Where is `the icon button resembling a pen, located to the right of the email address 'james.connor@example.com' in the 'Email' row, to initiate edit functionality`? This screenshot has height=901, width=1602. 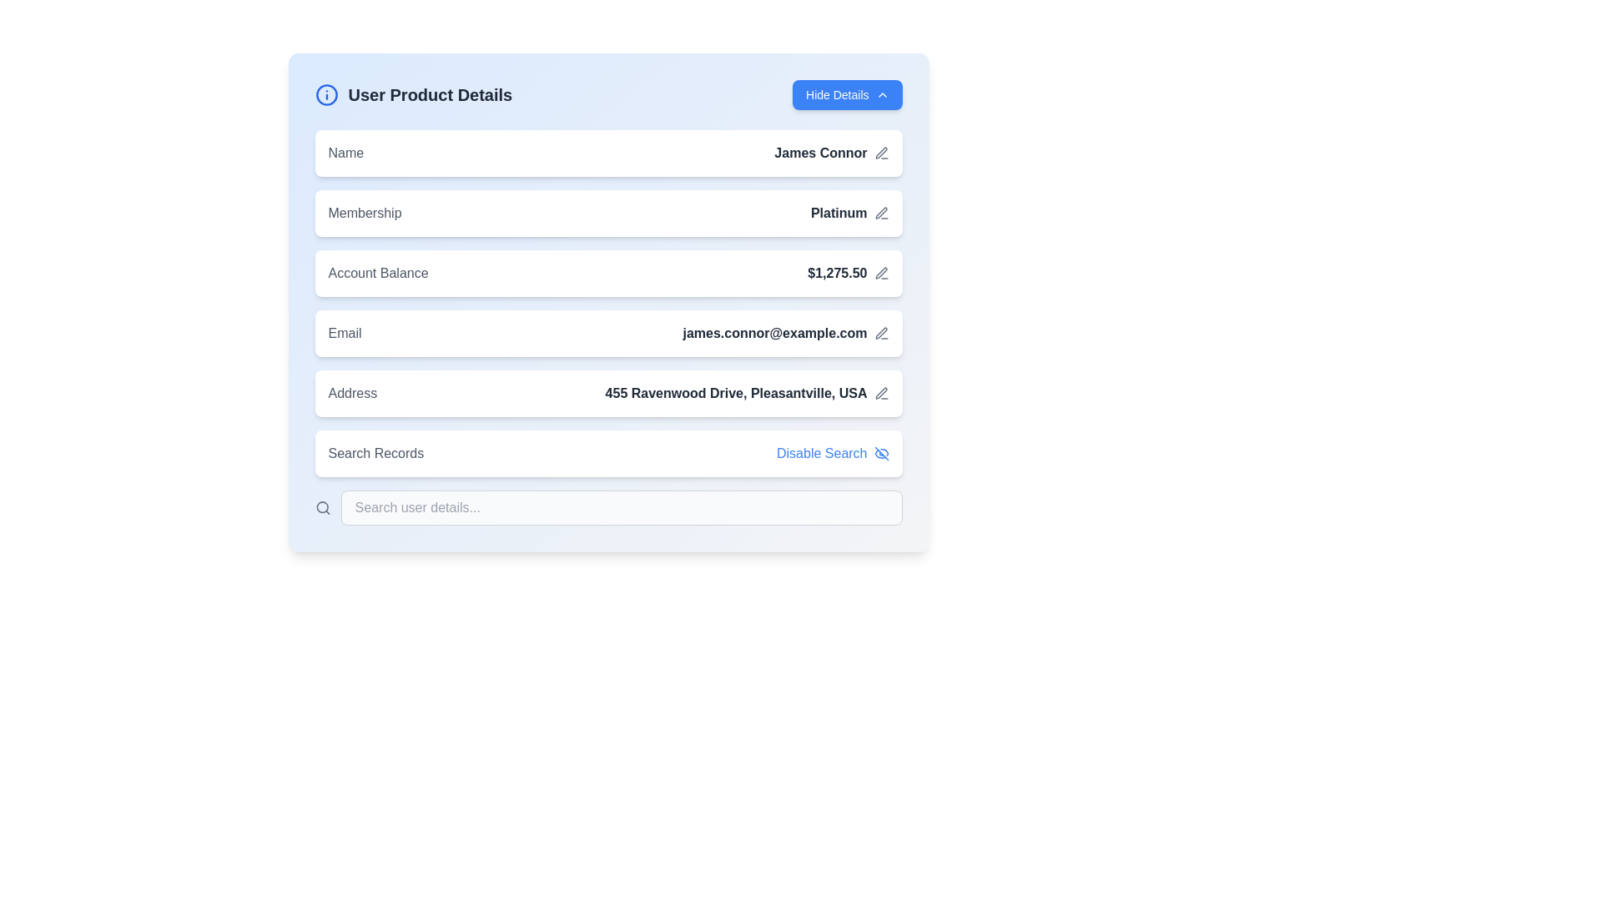 the icon button resembling a pen, located to the right of the email address 'james.connor@example.com' in the 'Email' row, to initiate edit functionality is located at coordinates (880, 334).